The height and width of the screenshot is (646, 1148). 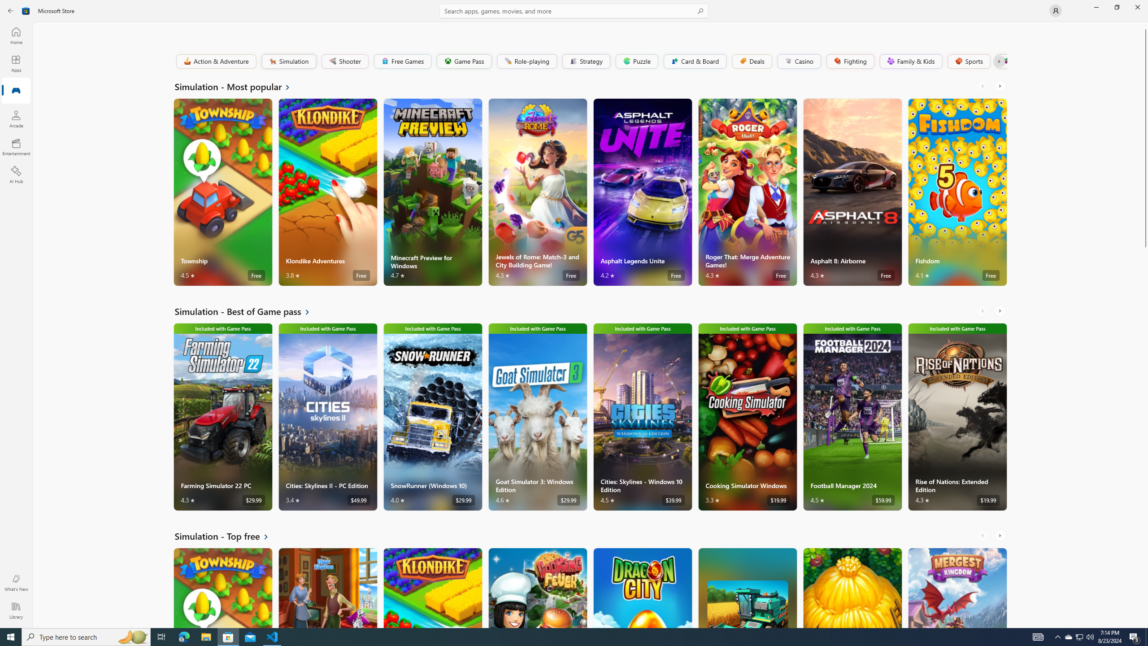 I want to click on 'Free Games', so click(x=402, y=61).